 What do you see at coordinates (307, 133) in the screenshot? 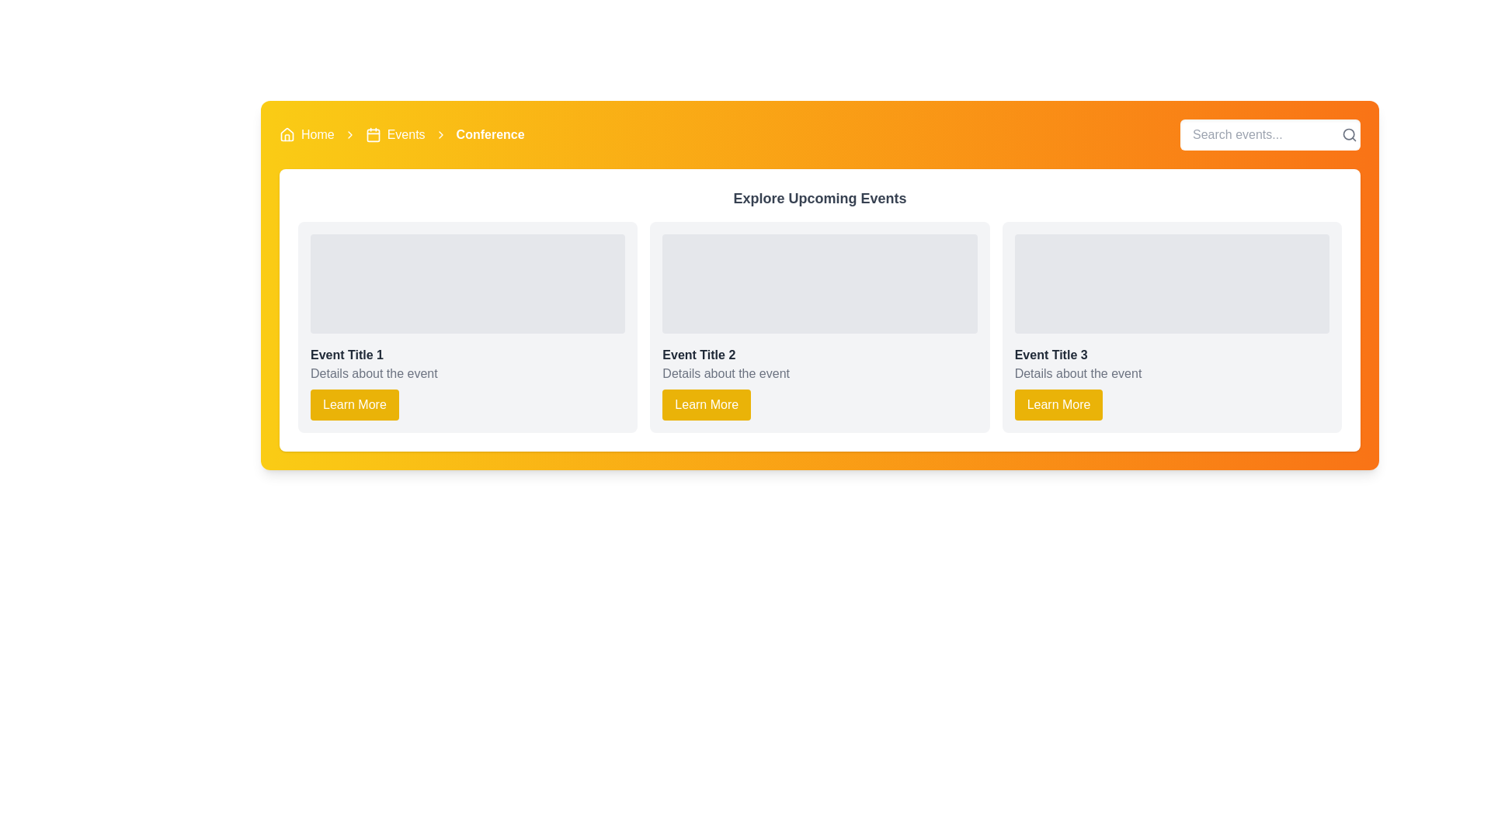
I see `the 'Home' breadcrumb link with a house icon in white font on a yellow background` at bounding box center [307, 133].